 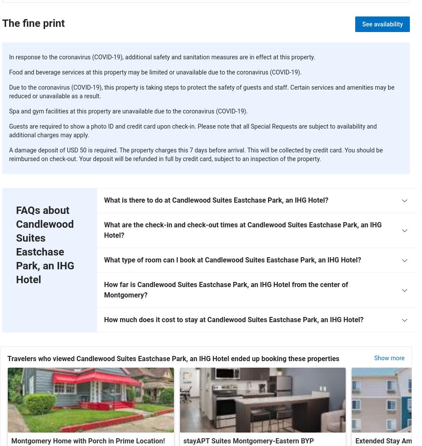 I want to click on 'Food and beverage services at this property may be limited or unavailable due to the coronavirus (COVID-19).', so click(x=154, y=71).